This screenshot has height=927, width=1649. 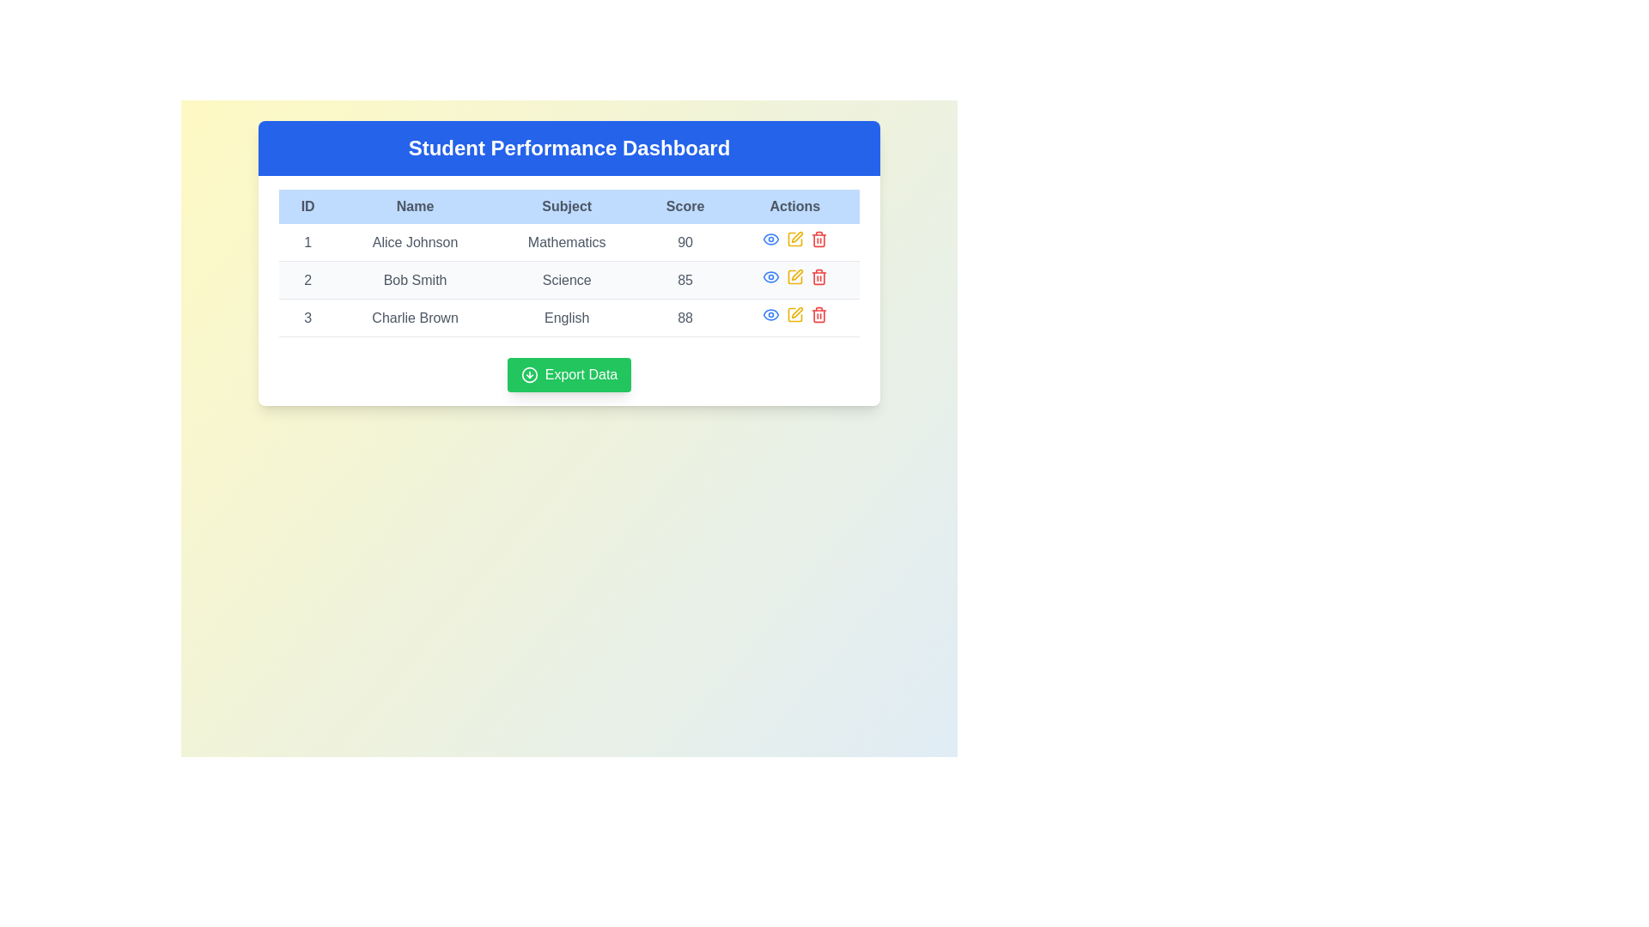 I want to click on the text displaying the score '88' for the subject 'English' in the Score column of the third row labeled '3 - Charlie Brown - English', so click(x=685, y=318).